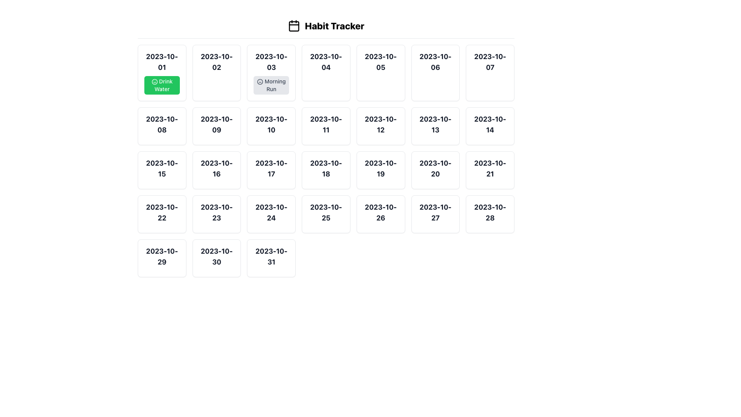 This screenshot has width=741, height=417. I want to click on the Text Display element that shows the date '2023-10-23', which is located in the fifth row, second column of a grid layout with white rectangular cards, so click(216, 213).